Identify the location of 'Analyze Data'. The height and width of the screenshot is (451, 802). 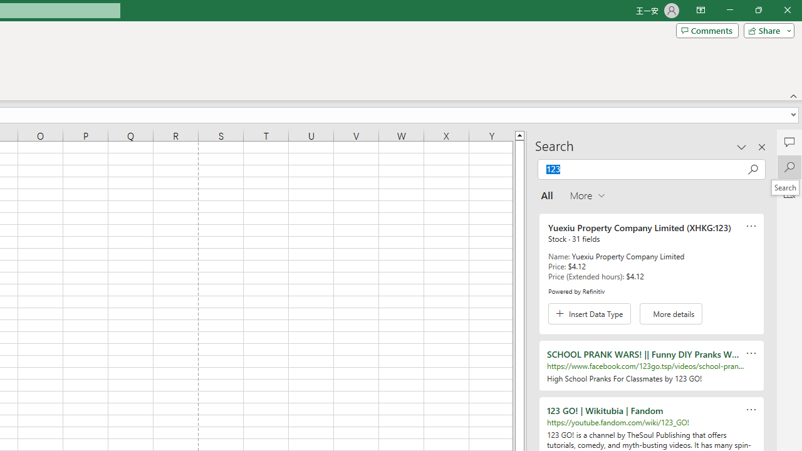
(789, 192).